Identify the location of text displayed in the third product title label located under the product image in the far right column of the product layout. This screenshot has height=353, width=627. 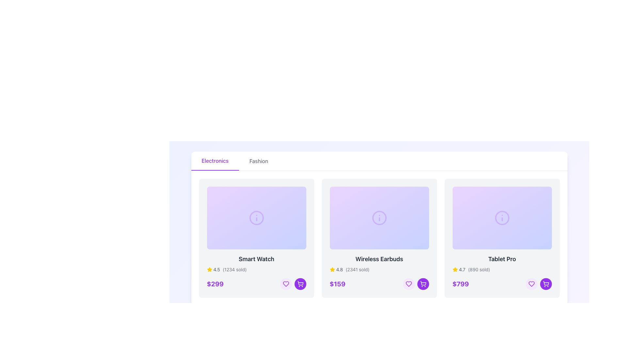
(502, 259).